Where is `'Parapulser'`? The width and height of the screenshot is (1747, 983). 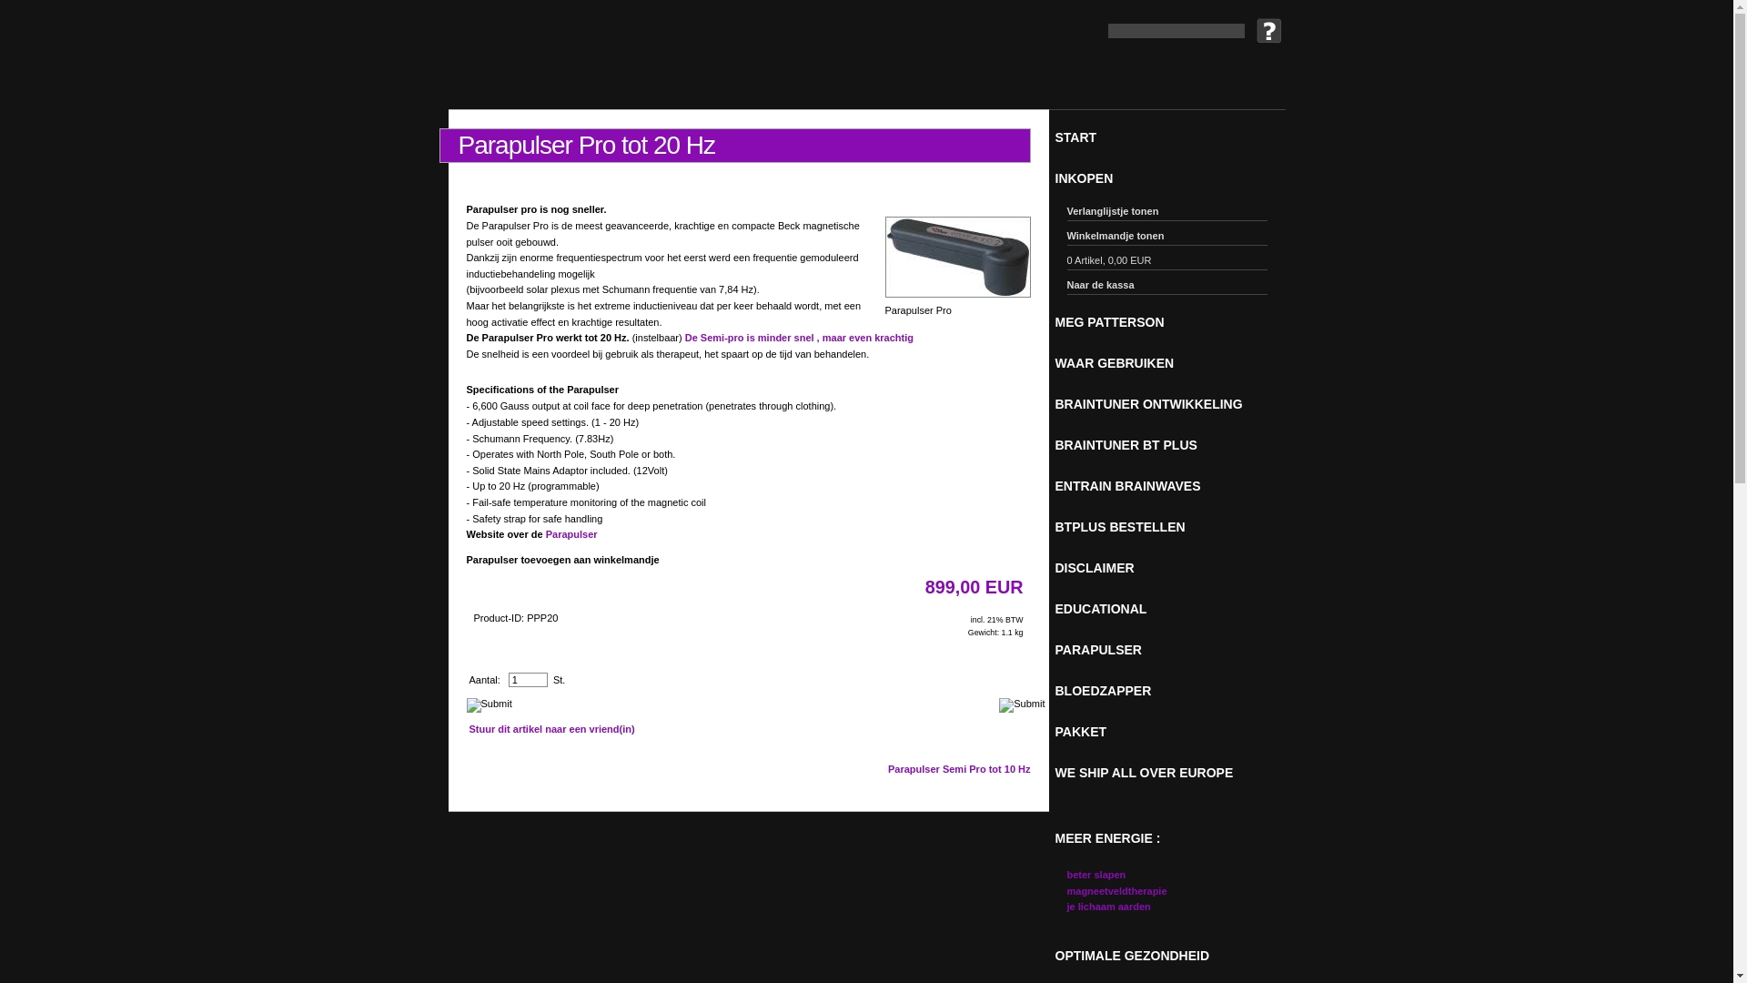 'Parapulser' is located at coordinates (571, 532).